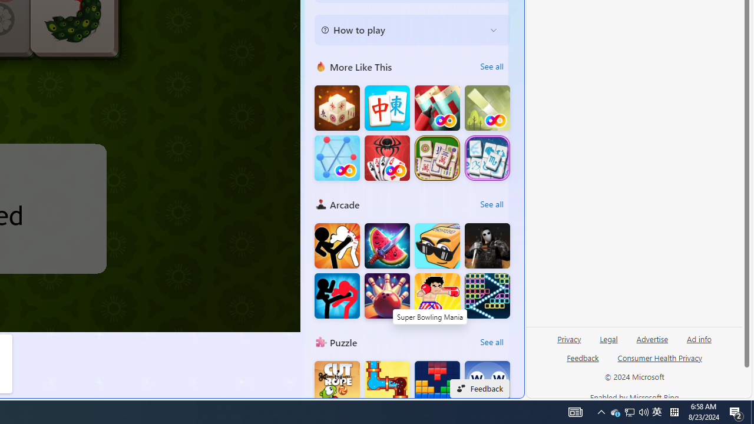  Describe the element at coordinates (487, 245) in the screenshot. I see `'Hunter Hitman'` at that location.